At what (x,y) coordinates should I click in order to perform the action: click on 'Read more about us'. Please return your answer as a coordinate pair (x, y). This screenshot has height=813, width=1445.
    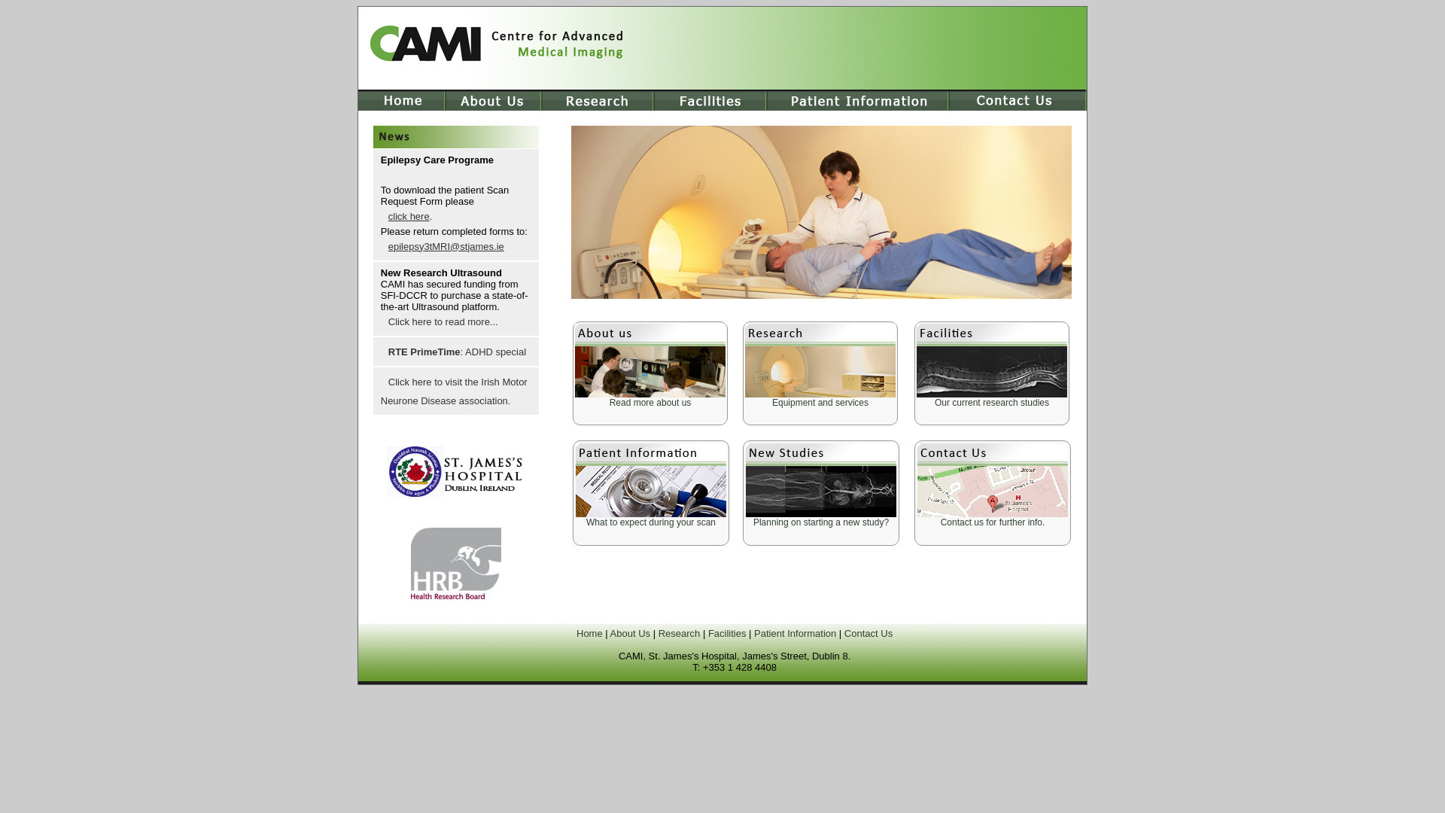
    Looking at the image, I should click on (610, 402).